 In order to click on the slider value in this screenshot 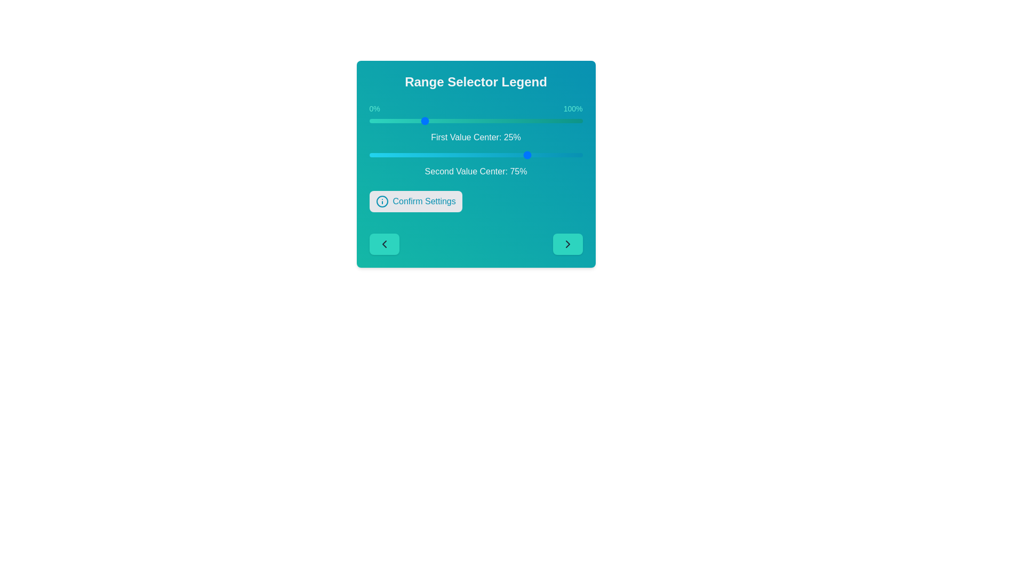, I will do `click(407, 121)`.